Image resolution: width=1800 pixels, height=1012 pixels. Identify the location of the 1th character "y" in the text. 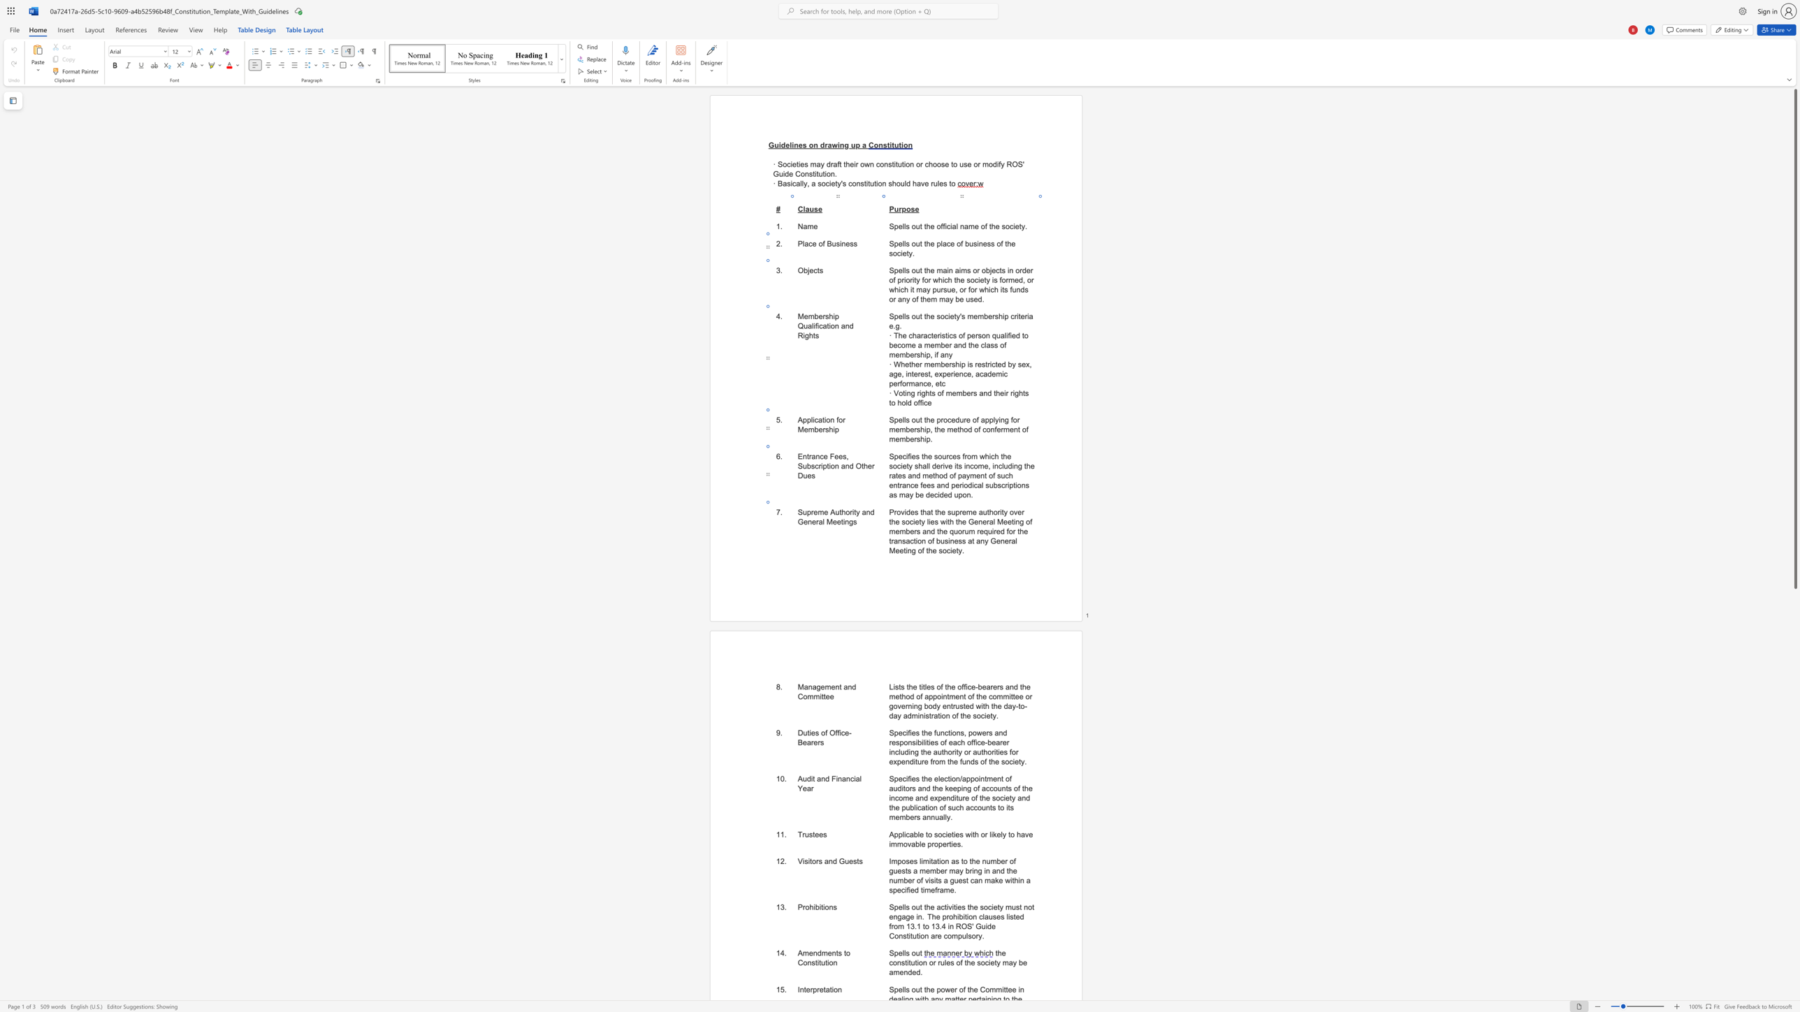
(1003, 834).